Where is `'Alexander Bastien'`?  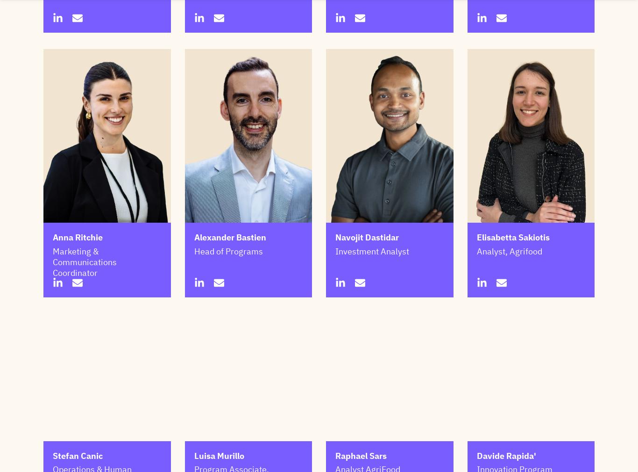 'Alexander Bastien' is located at coordinates (230, 237).